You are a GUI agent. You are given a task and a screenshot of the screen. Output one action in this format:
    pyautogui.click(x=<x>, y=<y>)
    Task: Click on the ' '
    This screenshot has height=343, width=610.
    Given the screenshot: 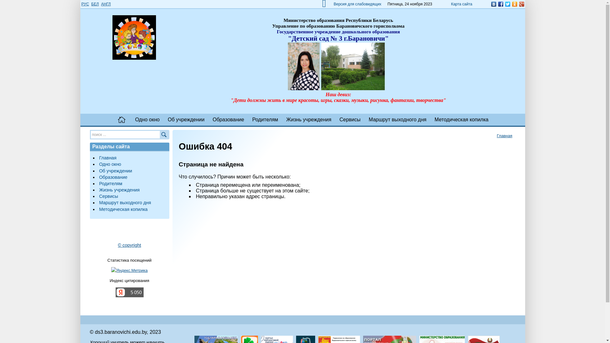 What is the action you would take?
    pyautogui.click(x=122, y=120)
    